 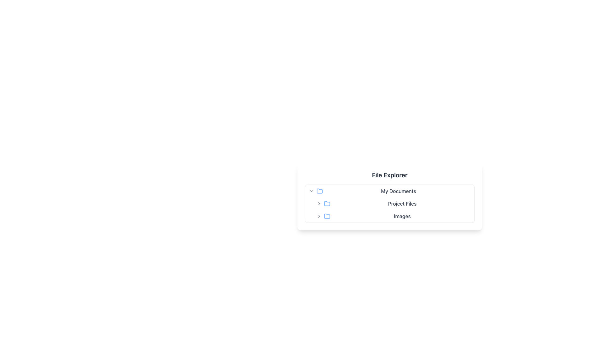 What do you see at coordinates (327, 203) in the screenshot?
I see `the folder icon representing 'Project Files' for visual feedback` at bounding box center [327, 203].